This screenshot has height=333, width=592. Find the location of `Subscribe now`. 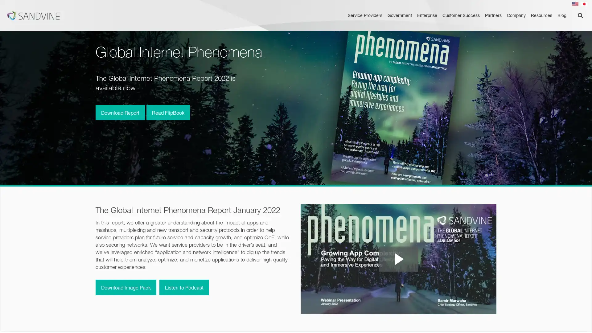

Subscribe now is located at coordinates (527, 321).